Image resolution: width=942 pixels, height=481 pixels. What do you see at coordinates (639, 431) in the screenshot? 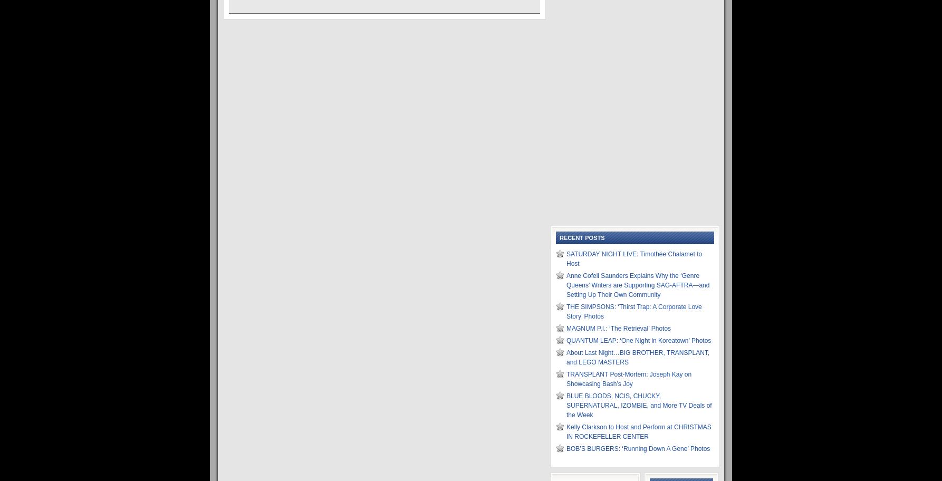
I see `'Kelly Clarkson to Host and Perform at CHRISTMAS IN ROCKEFELLER CENTER'` at bounding box center [639, 431].